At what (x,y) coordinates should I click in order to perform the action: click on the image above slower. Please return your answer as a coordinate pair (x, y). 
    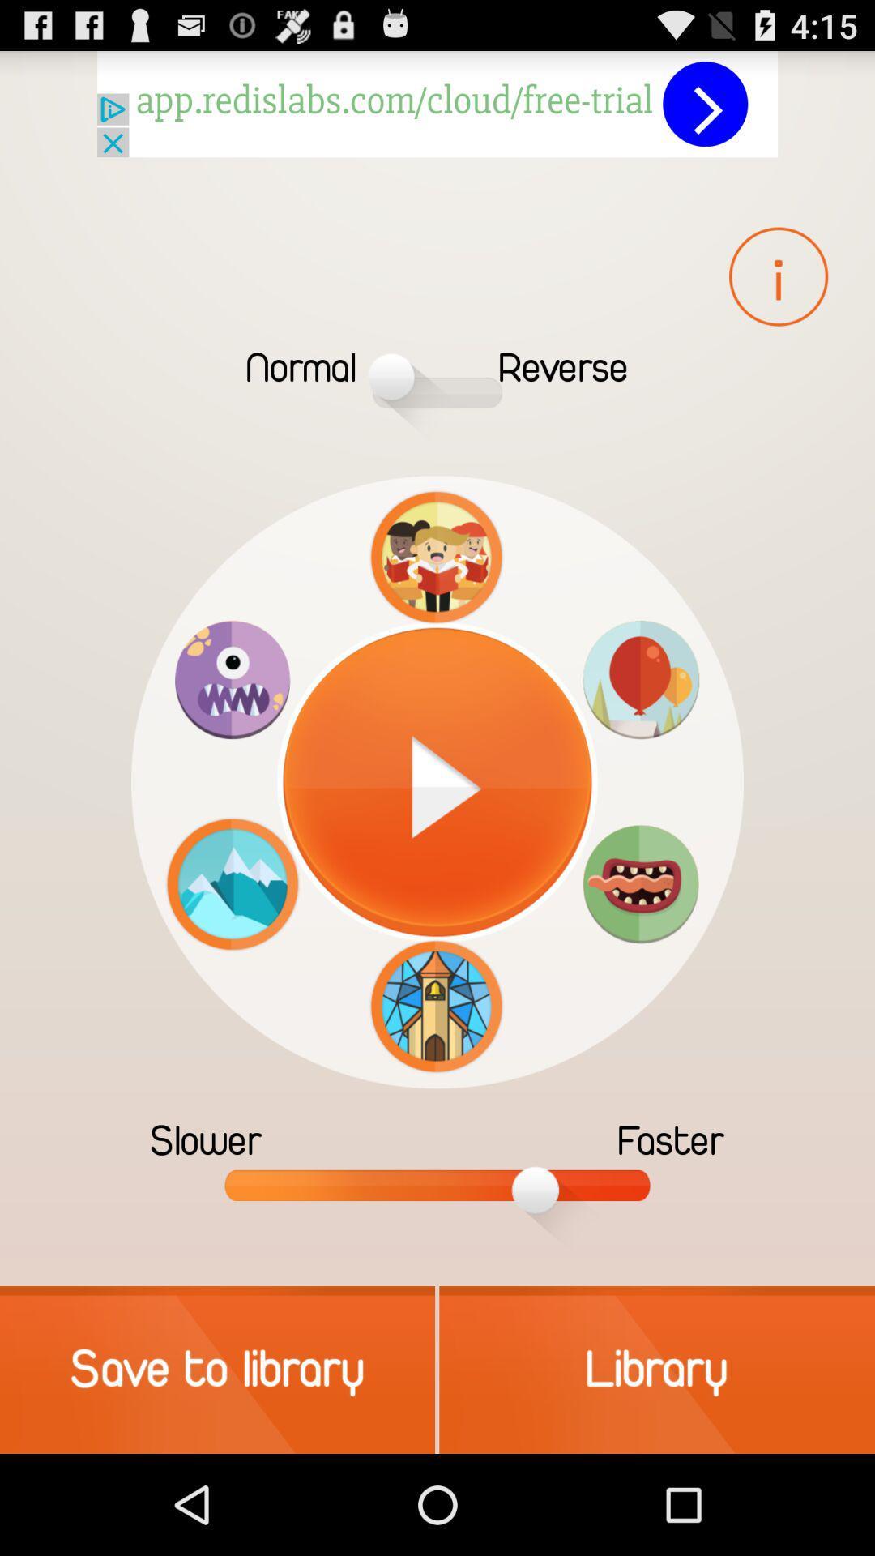
    Looking at the image, I should click on (232, 883).